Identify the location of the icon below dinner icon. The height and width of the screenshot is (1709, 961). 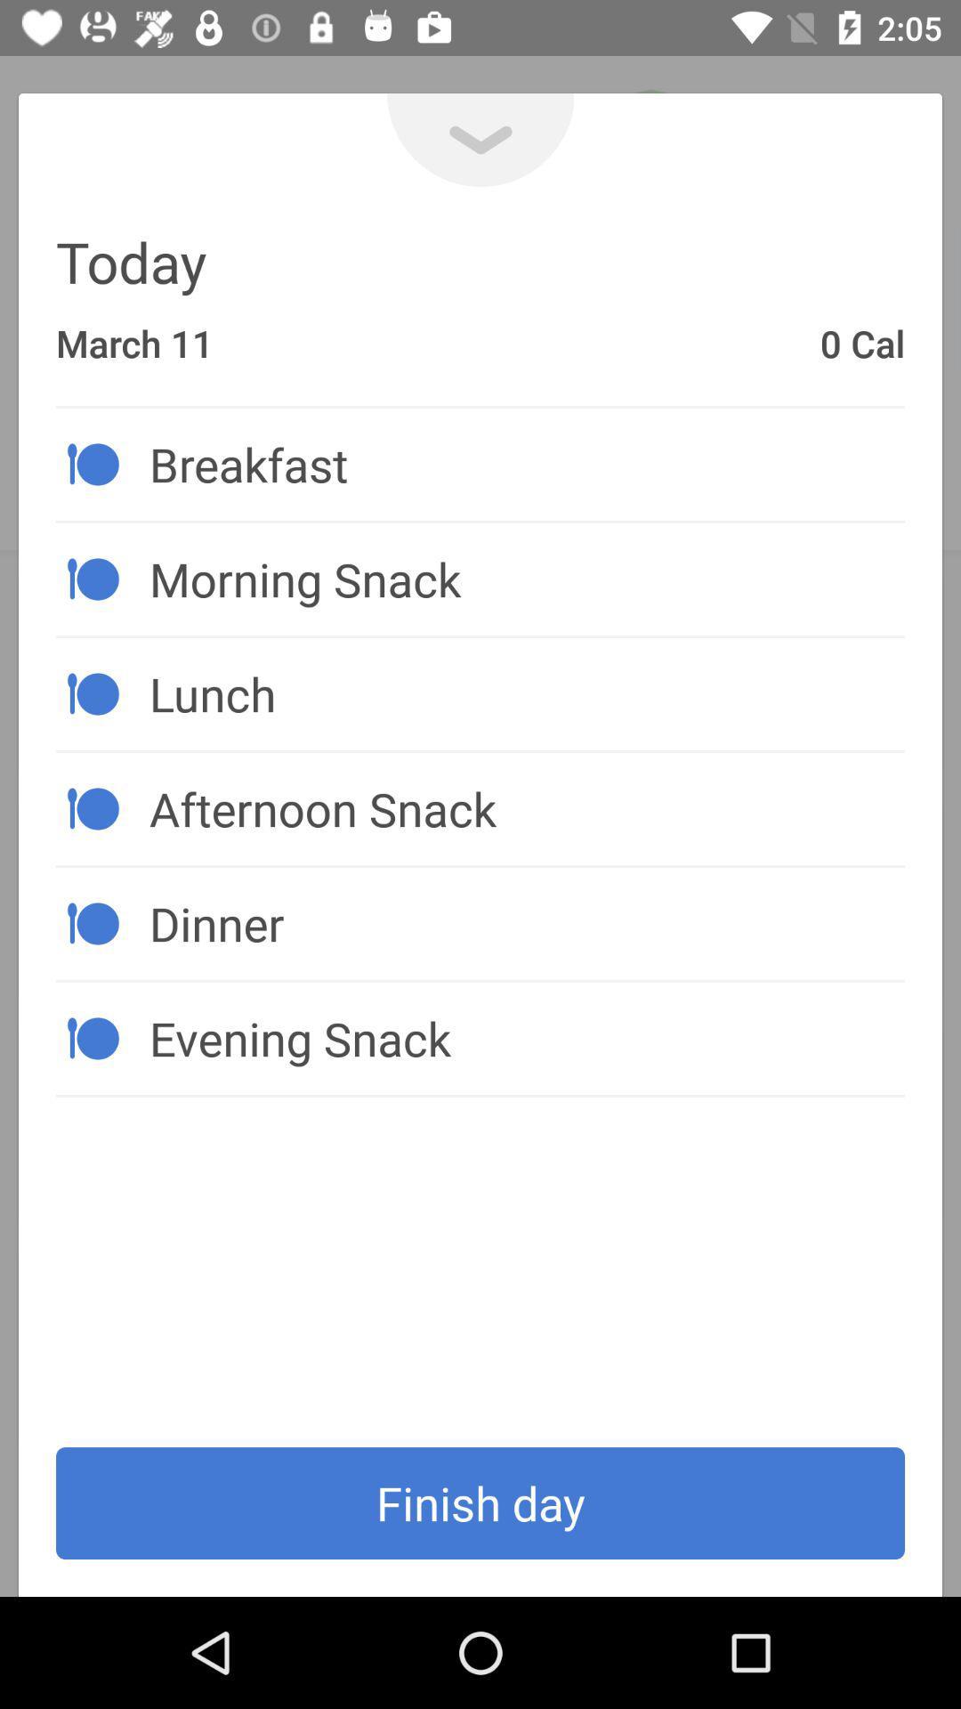
(526, 1038).